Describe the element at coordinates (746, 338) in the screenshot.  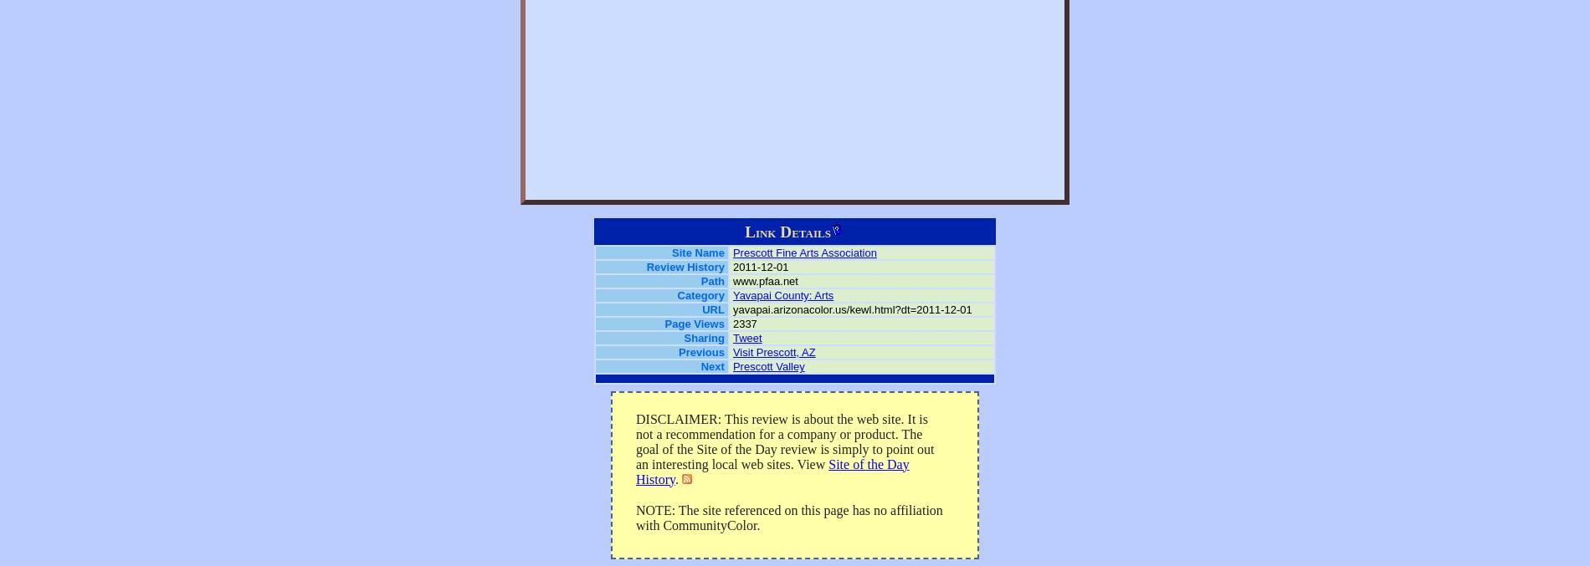
I see `'Tweet'` at that location.